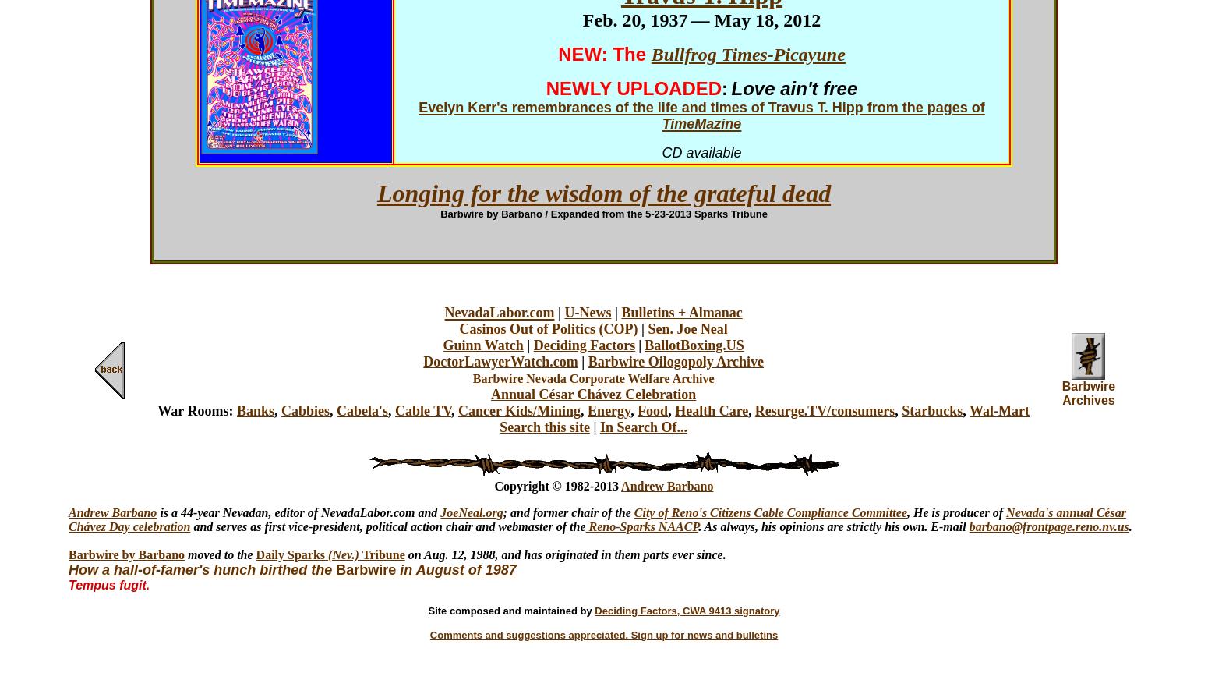 The image size is (1208, 680). I want to click on 'Sen. Joe 
          Neal', so click(646, 328).